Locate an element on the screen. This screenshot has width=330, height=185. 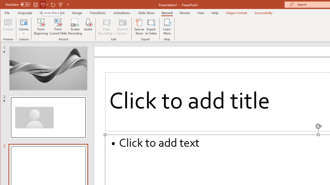
'Learn More' is located at coordinates (167, 27).